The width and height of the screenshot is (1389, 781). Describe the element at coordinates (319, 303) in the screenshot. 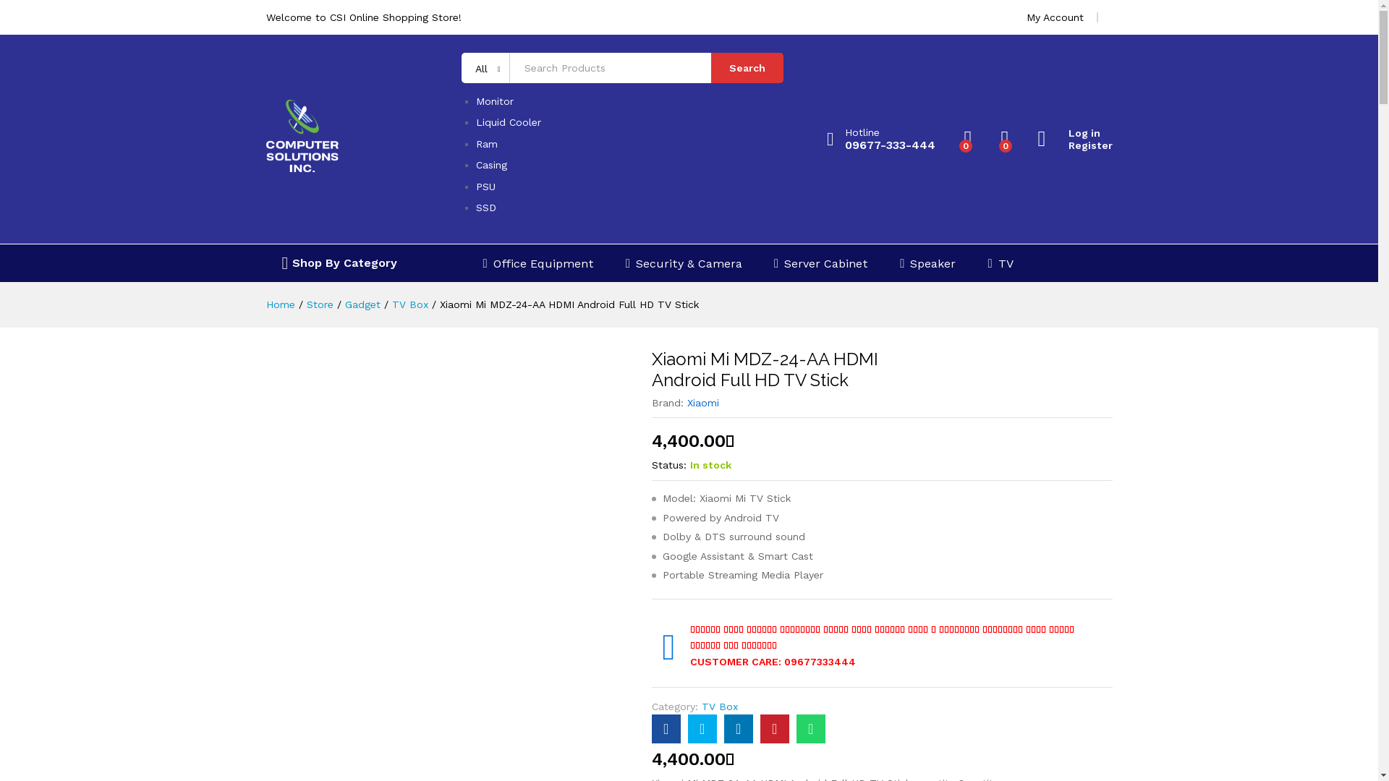

I see `'Store'` at that location.